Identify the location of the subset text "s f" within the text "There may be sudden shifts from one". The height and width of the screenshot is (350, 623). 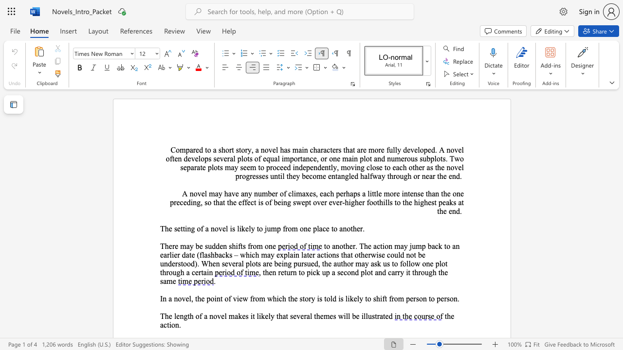
(242, 245).